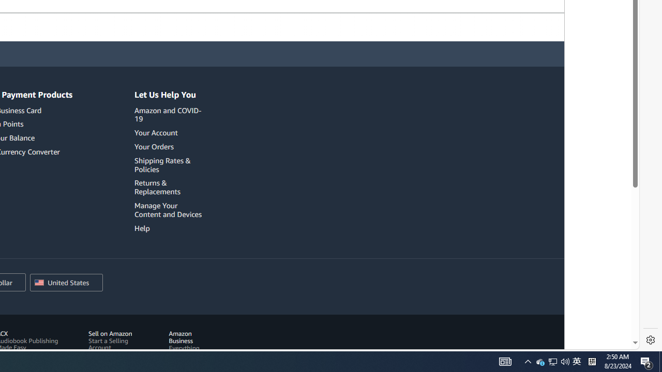 The width and height of the screenshot is (662, 372). I want to click on 'Choose a country/region for shopping.', so click(66, 283).